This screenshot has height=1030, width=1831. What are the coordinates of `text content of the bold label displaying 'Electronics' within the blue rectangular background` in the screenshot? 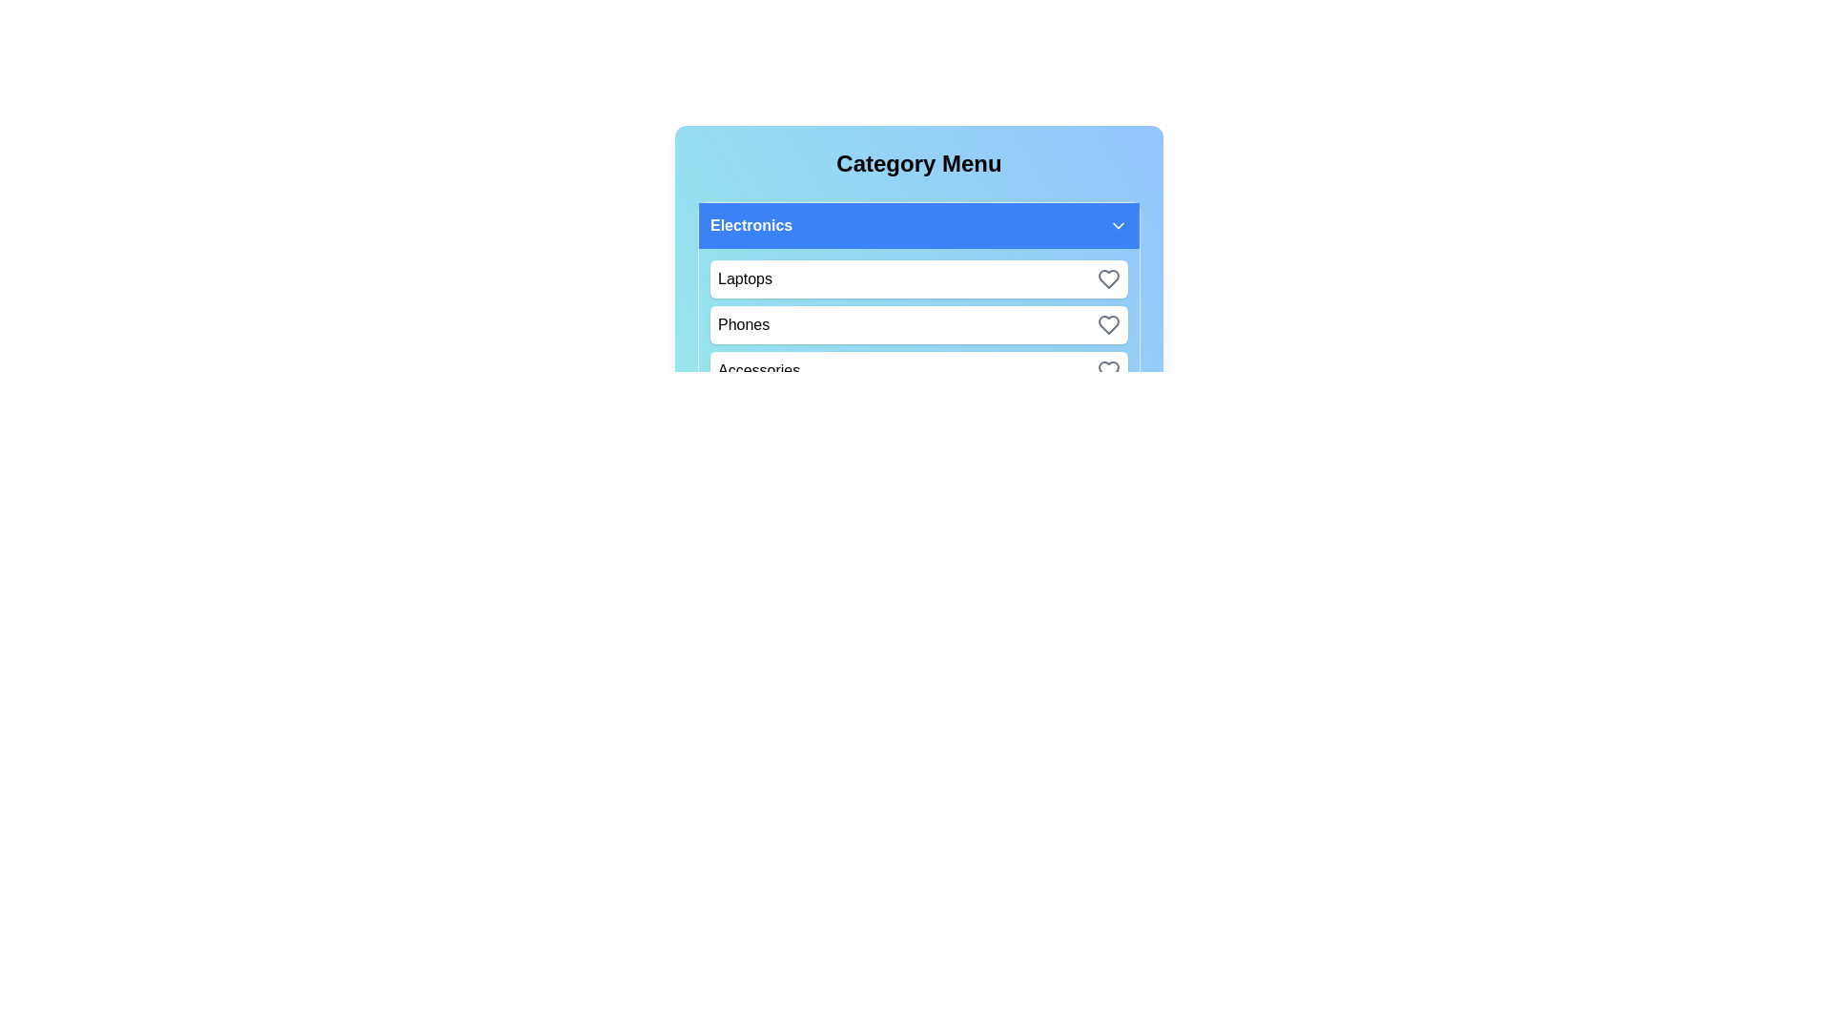 It's located at (751, 224).